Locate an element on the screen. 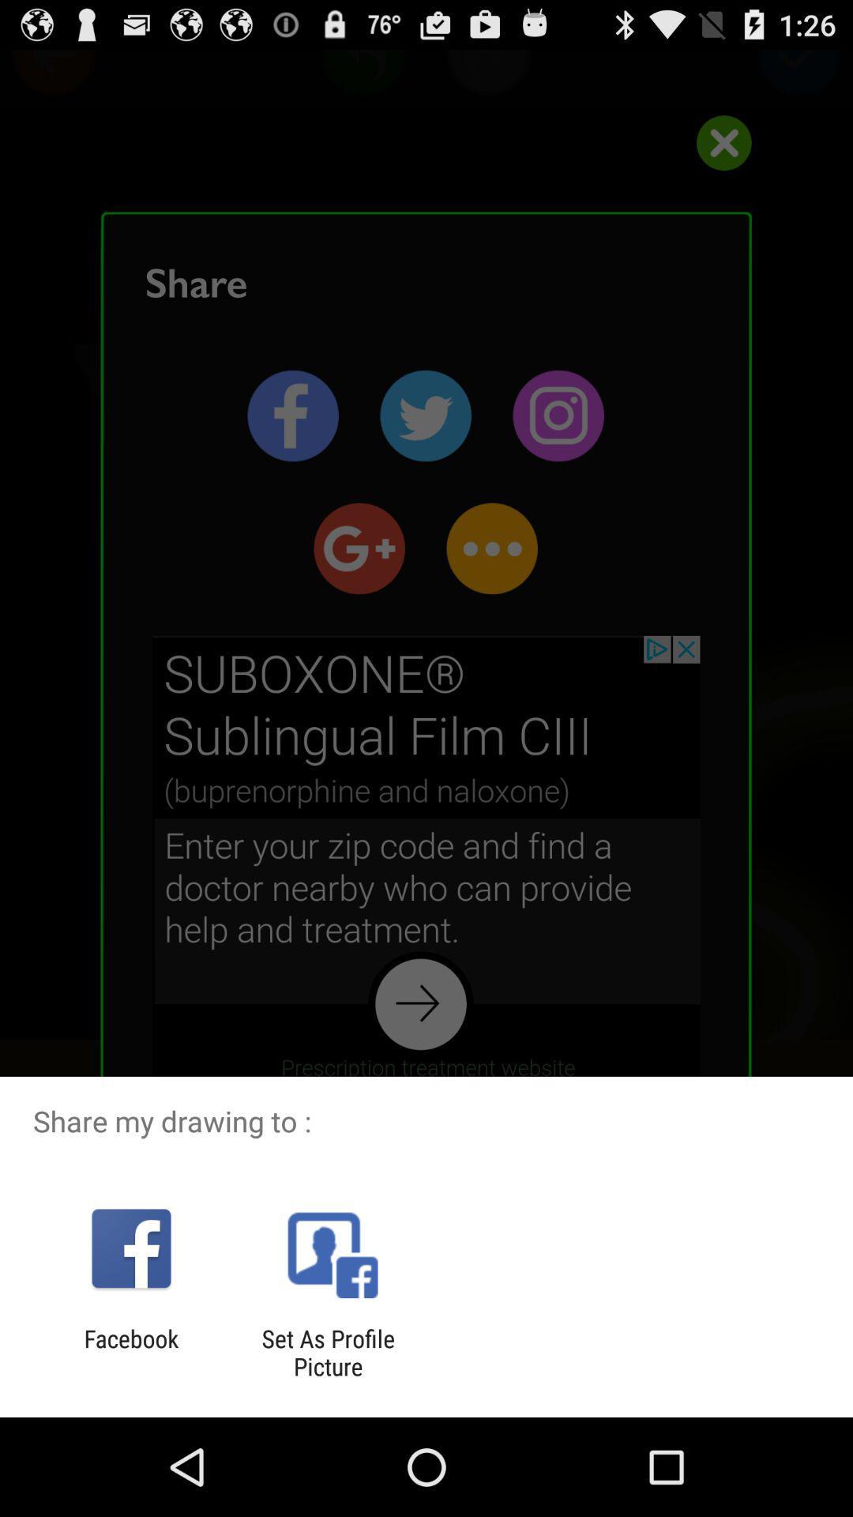 This screenshot has width=853, height=1517. facebook is located at coordinates (130, 1352).